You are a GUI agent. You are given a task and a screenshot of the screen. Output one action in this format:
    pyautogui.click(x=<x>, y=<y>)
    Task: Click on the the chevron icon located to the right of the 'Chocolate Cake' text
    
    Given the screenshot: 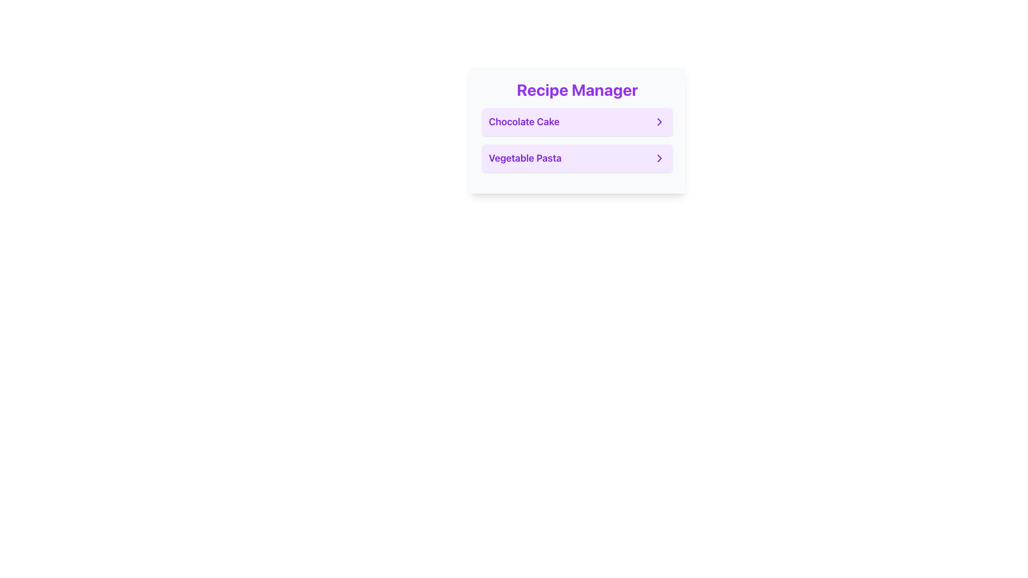 What is the action you would take?
    pyautogui.click(x=659, y=121)
    